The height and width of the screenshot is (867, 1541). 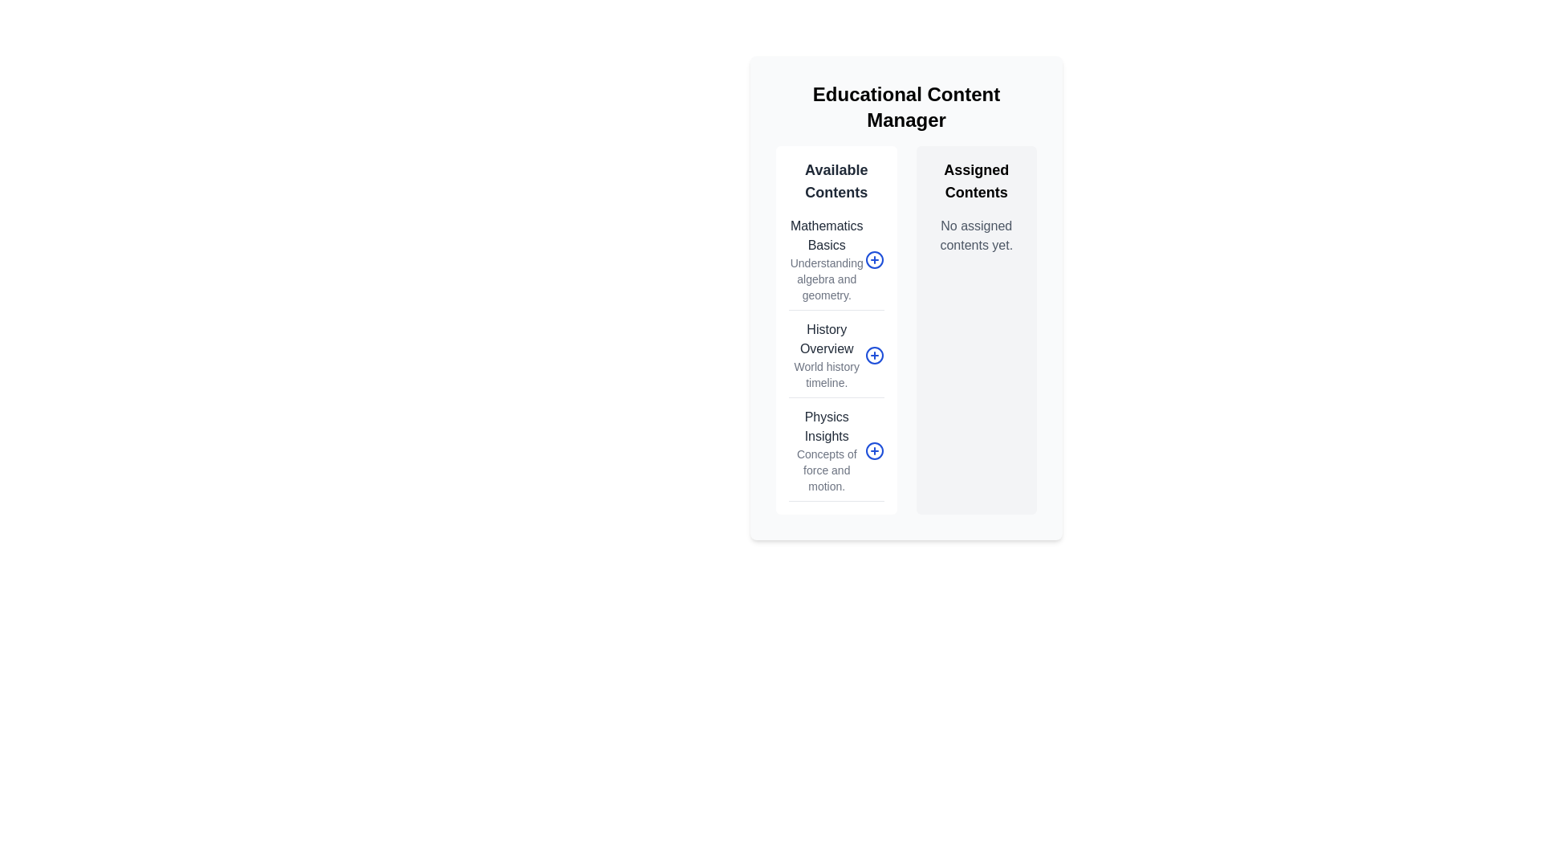 What do you see at coordinates (836, 454) in the screenshot?
I see `the List Item titled 'Physics Insights' which includes a description 'Concepts of force and motion.' and a blue circular '+' icon to its right` at bounding box center [836, 454].